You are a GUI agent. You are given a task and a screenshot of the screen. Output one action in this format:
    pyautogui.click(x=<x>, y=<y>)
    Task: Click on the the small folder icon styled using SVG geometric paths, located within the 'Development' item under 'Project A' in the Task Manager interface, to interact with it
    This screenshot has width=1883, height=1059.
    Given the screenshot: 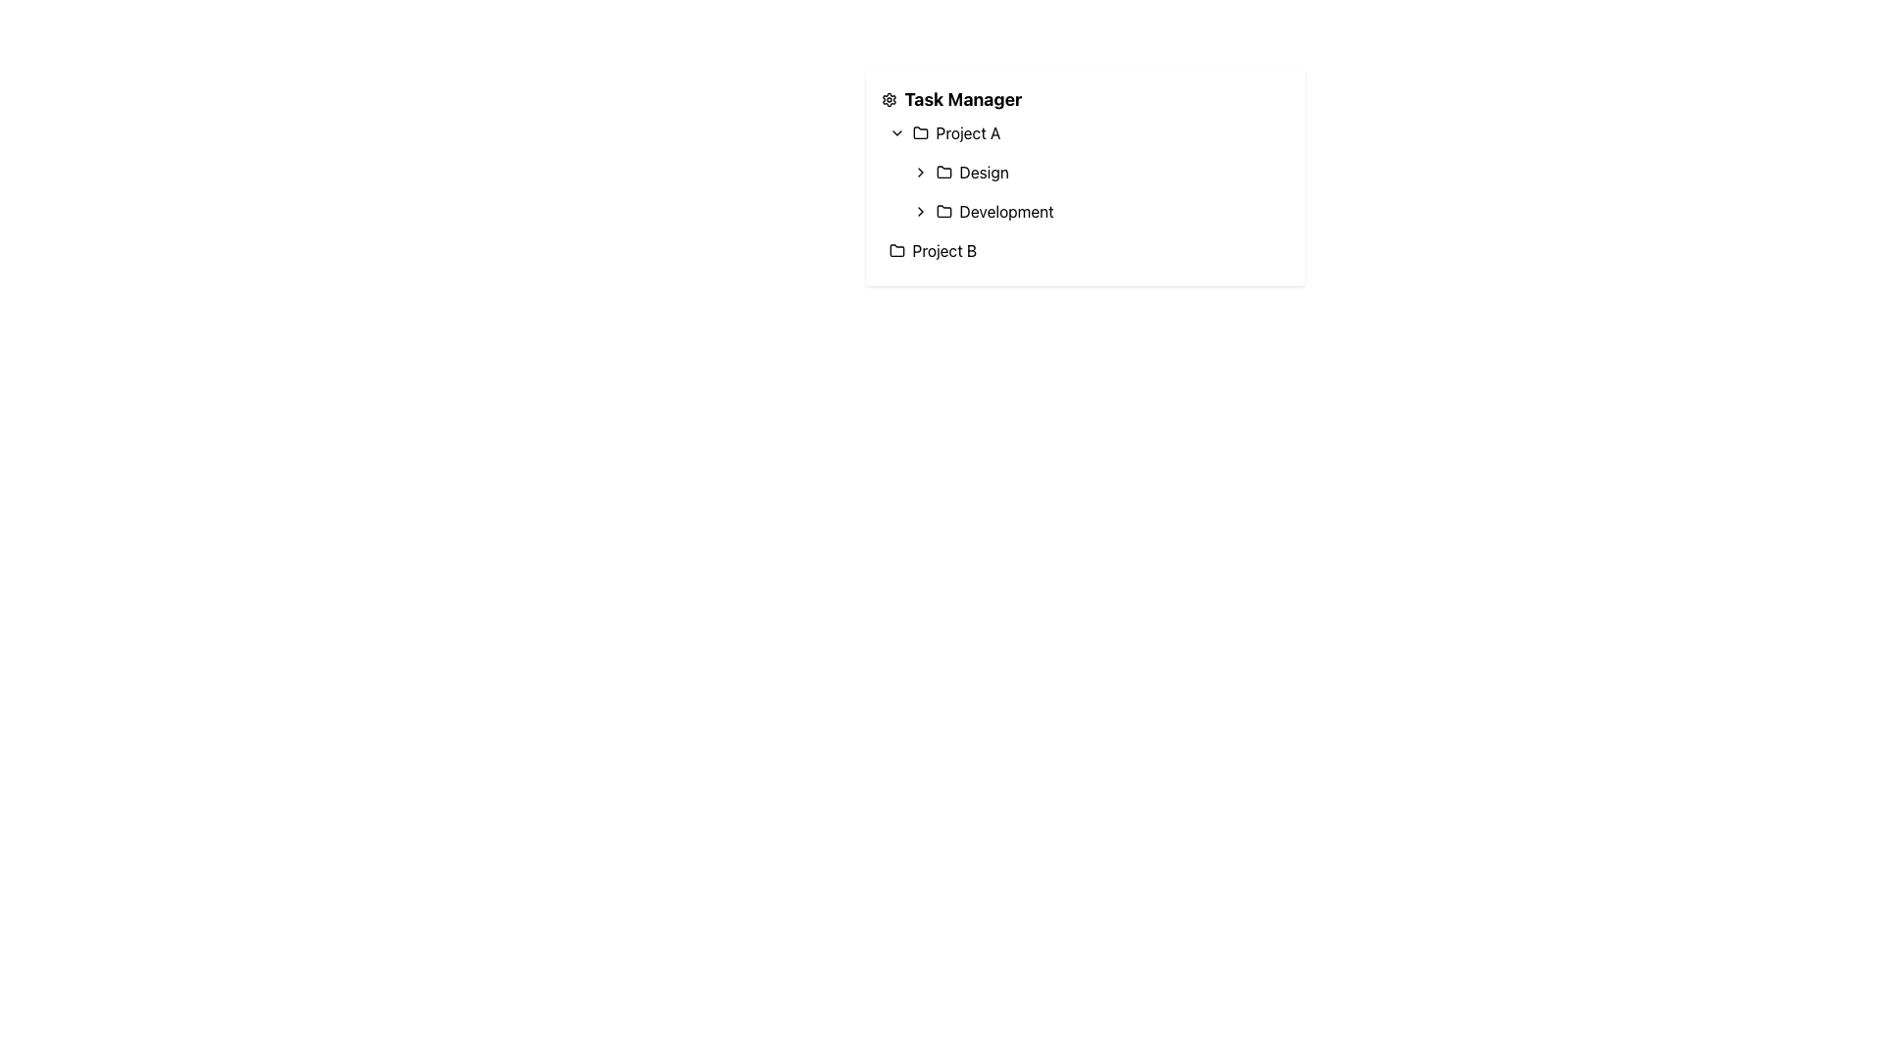 What is the action you would take?
    pyautogui.click(x=943, y=211)
    